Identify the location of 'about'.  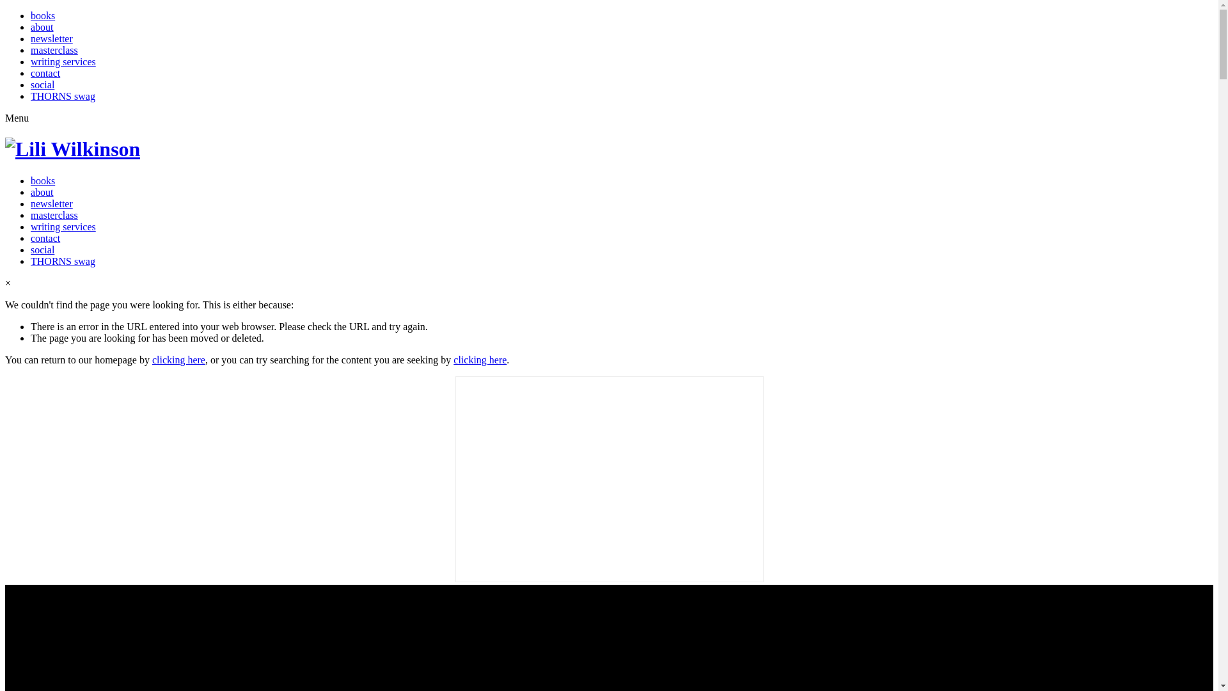
(31, 192).